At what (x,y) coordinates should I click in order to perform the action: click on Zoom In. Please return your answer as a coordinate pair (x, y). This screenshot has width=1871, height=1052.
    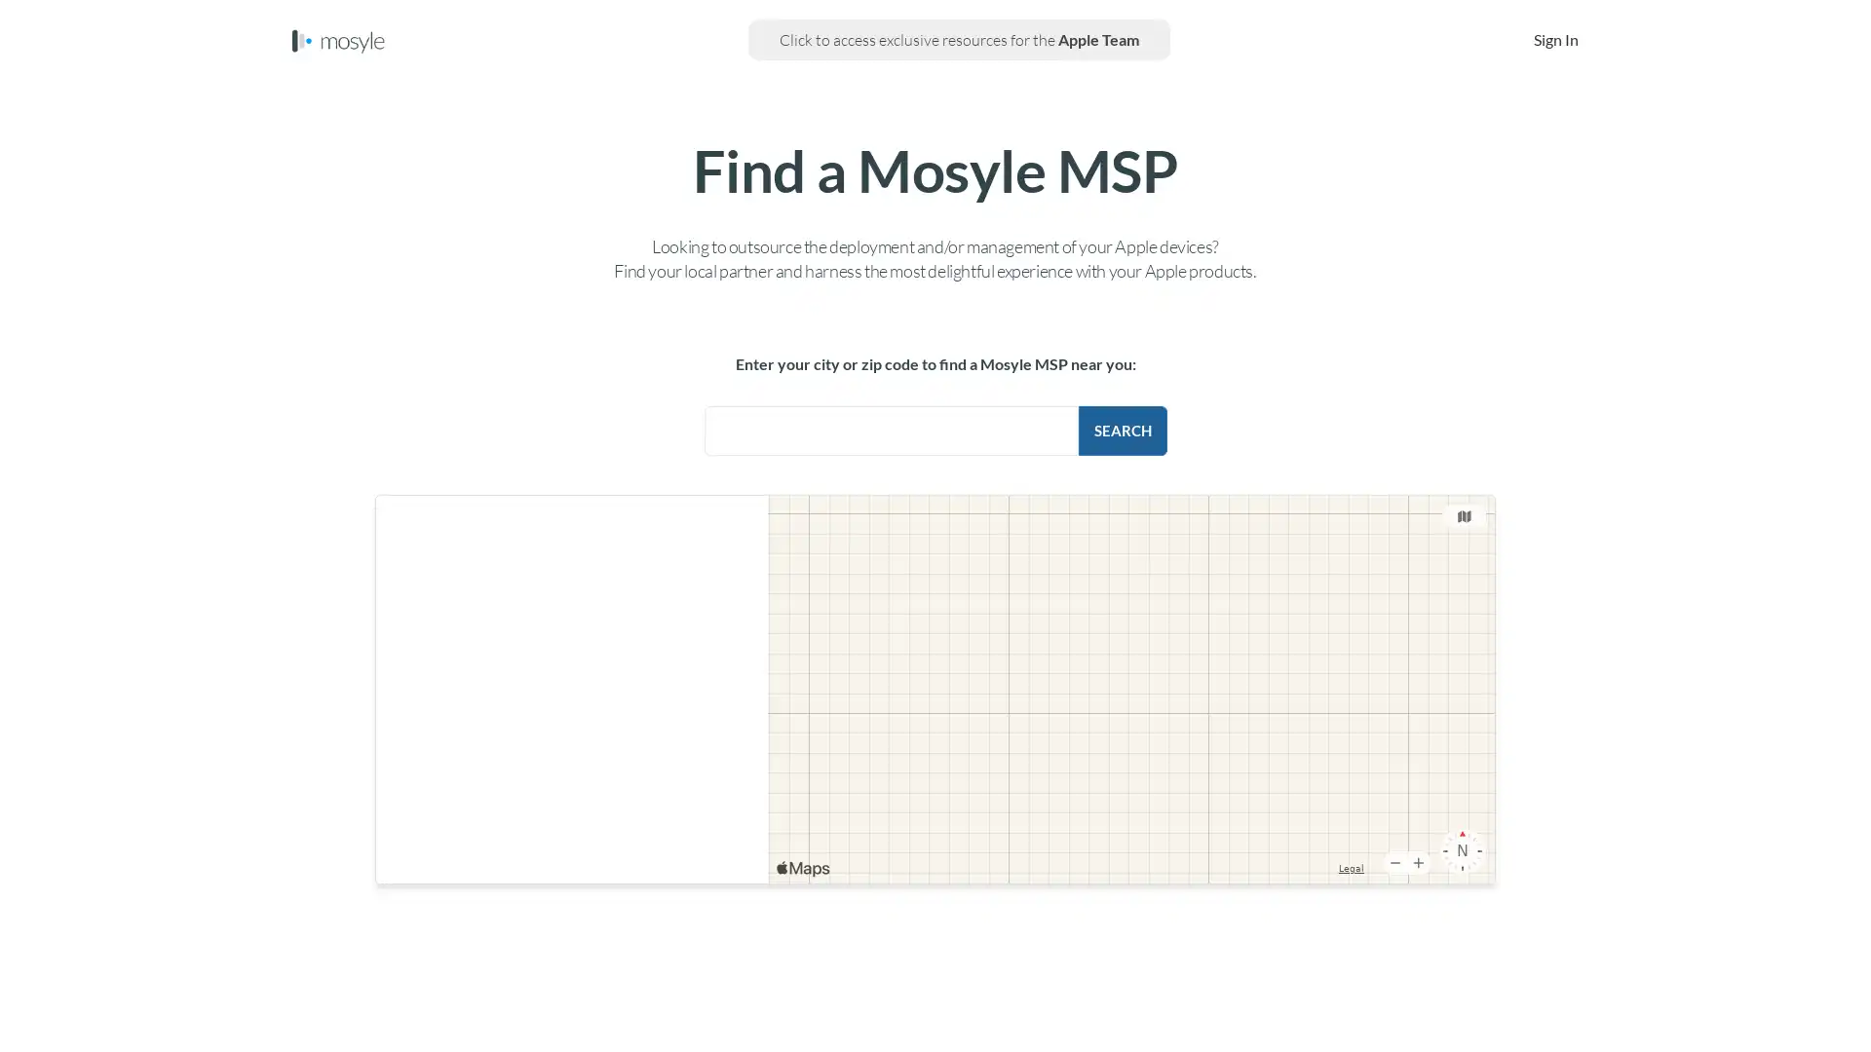
    Looking at the image, I should click on (1417, 862).